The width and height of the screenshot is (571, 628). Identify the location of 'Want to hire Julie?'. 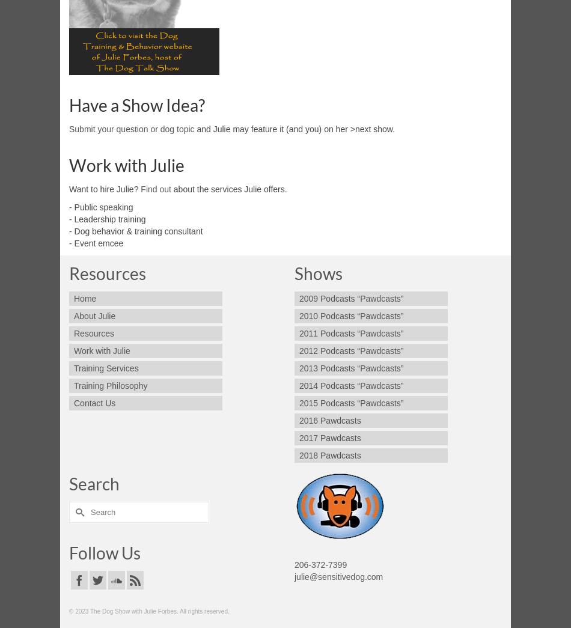
(105, 189).